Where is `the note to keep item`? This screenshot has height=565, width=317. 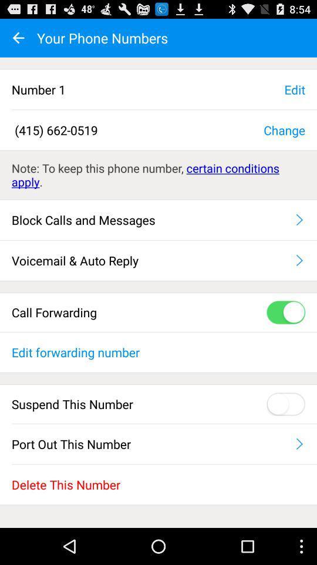 the note to keep item is located at coordinates (158, 174).